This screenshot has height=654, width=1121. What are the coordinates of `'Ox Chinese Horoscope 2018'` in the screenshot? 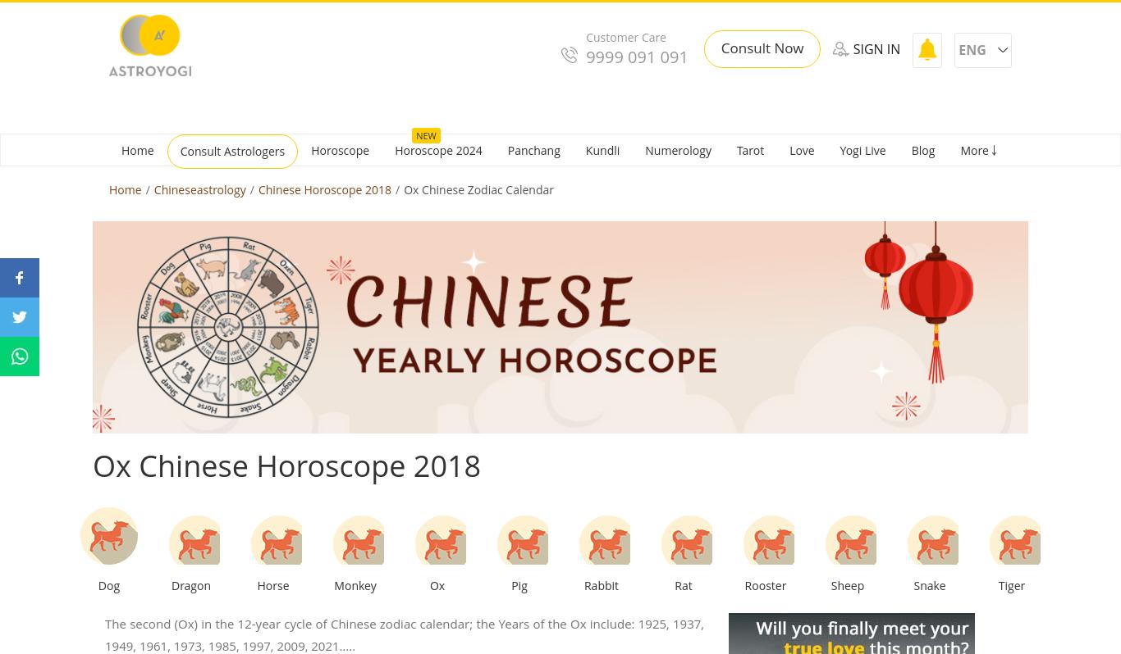 It's located at (286, 466).